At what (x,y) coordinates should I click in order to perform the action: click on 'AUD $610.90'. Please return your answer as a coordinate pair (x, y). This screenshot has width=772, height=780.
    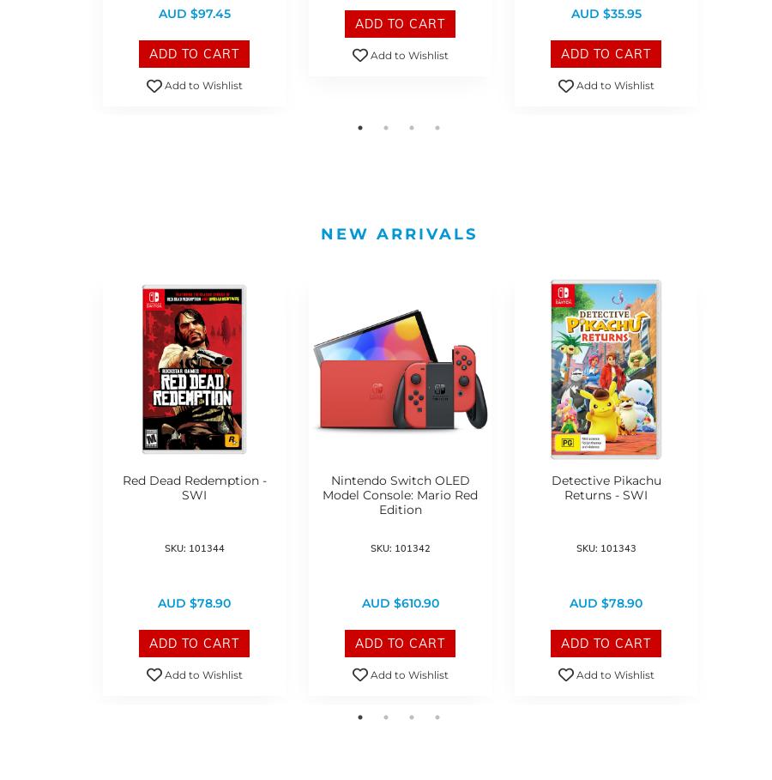
    Looking at the image, I should click on (361, 602).